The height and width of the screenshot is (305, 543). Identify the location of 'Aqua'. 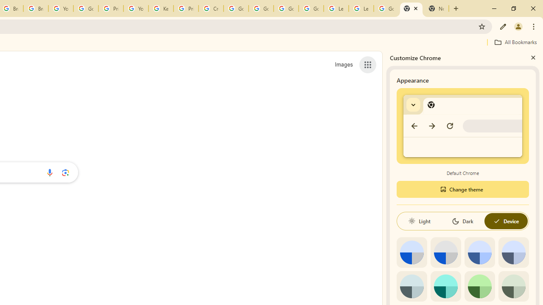
(445, 286).